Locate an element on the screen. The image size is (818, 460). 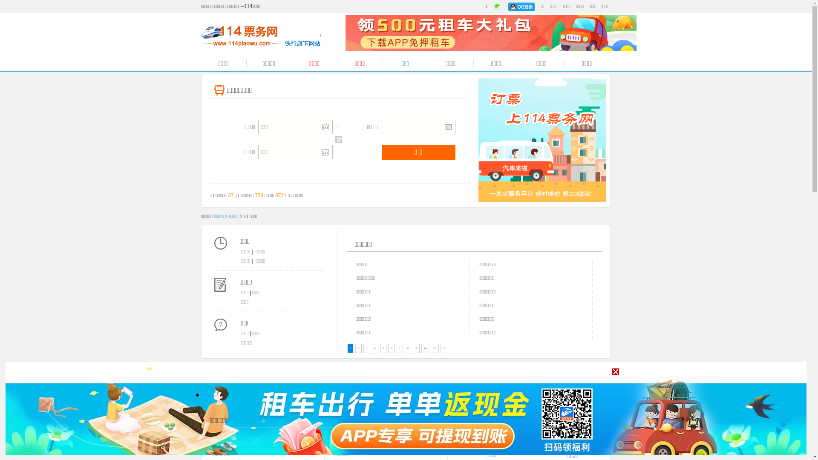
'5' is located at coordinates (383, 348).